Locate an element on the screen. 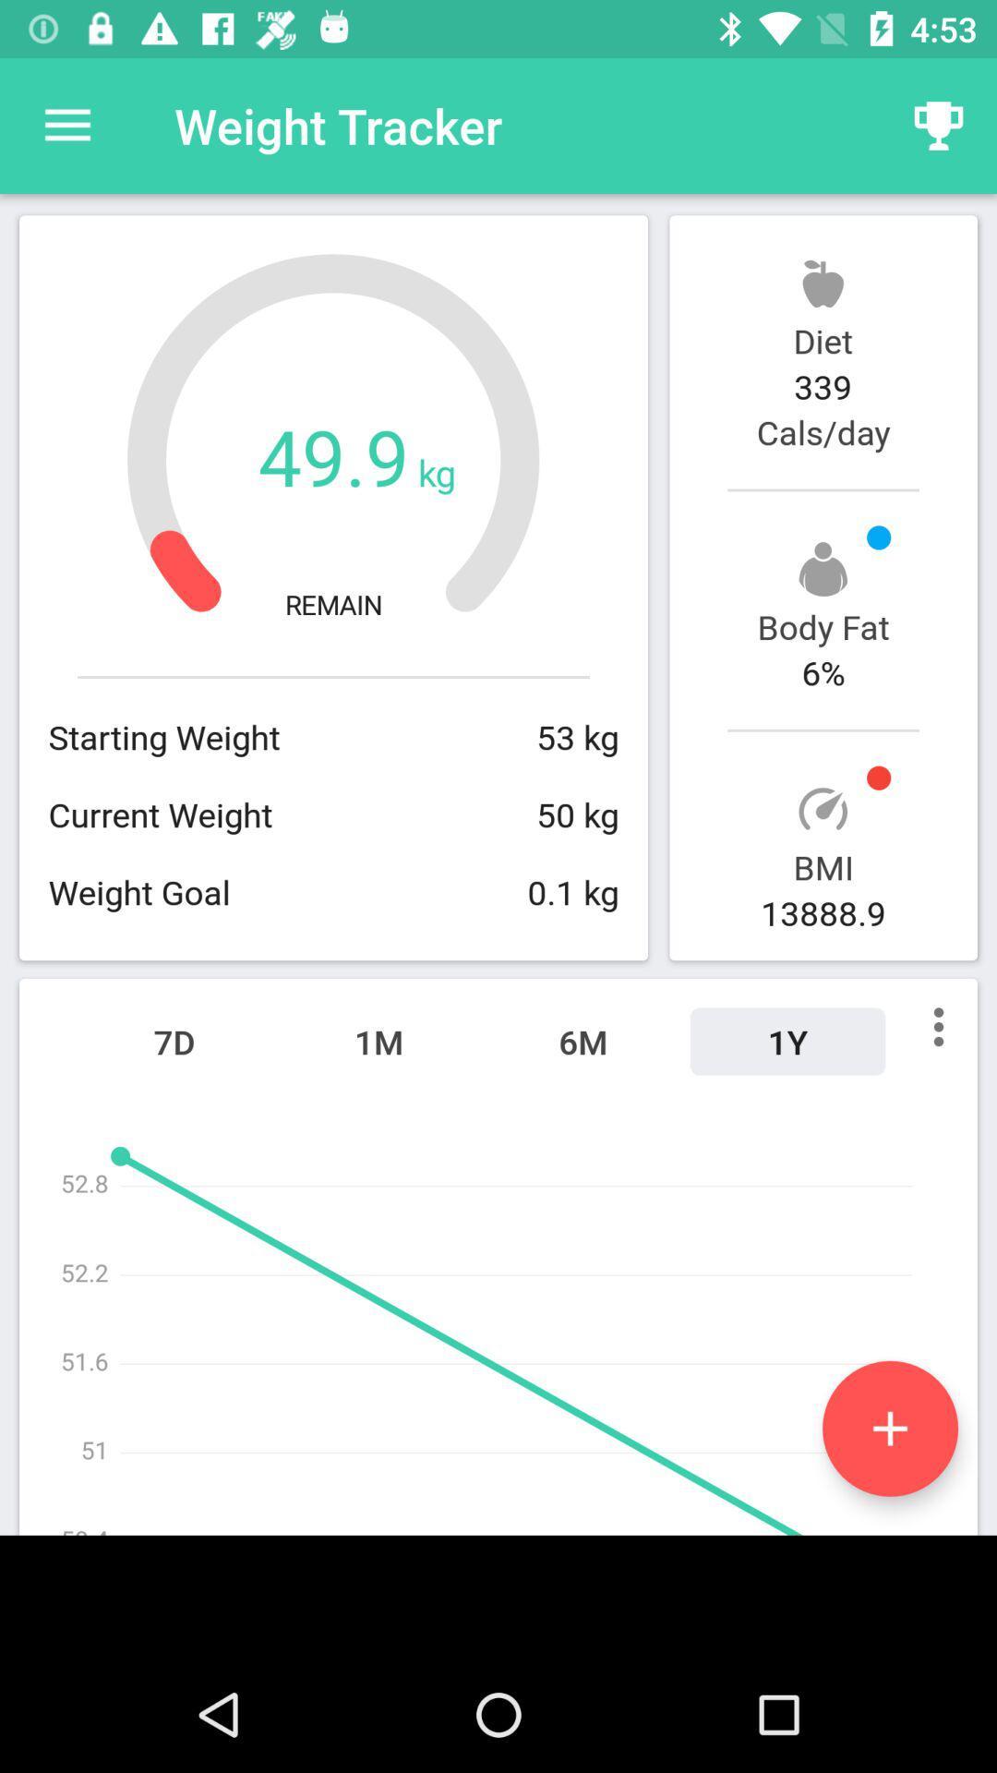  the item to the left of 1y item is located at coordinates (583, 1042).